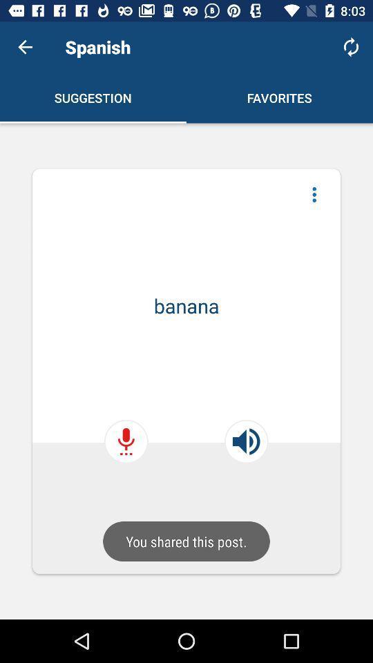 This screenshot has width=373, height=663. I want to click on refresh icon which is at top right corner of the web page, so click(351, 47).